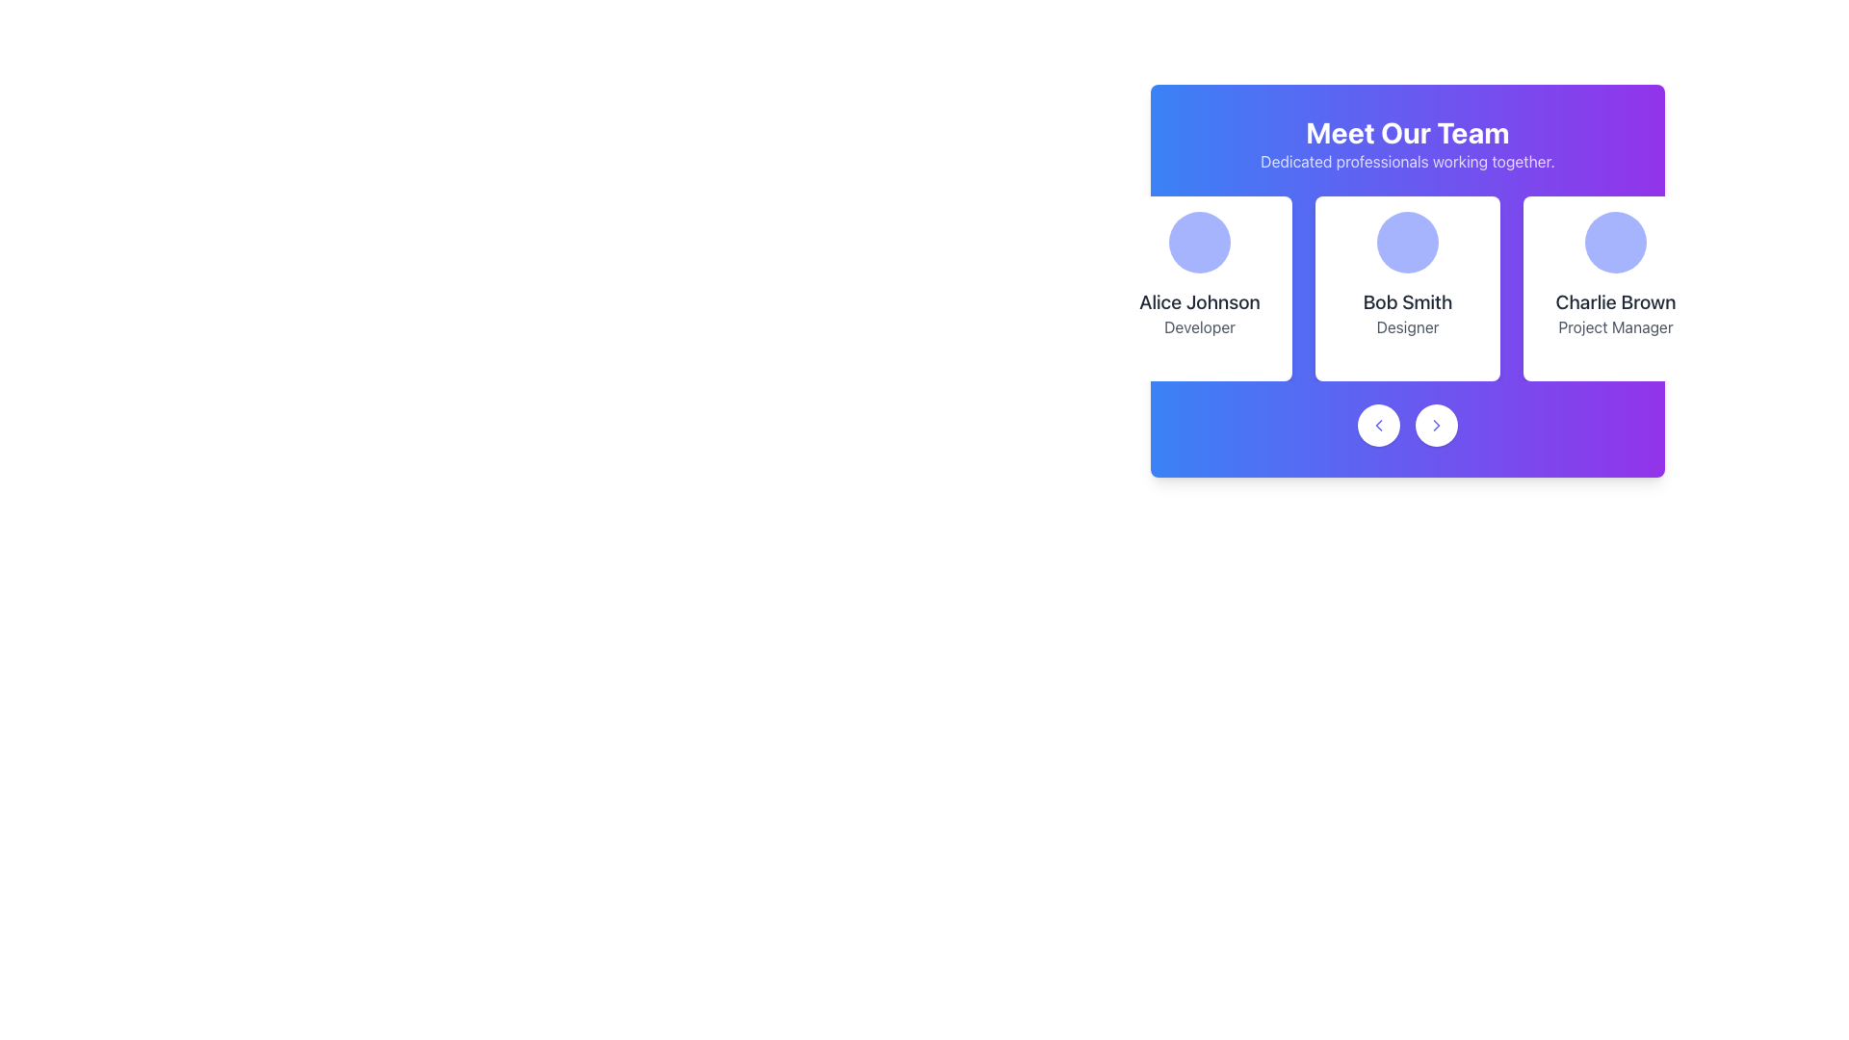 The image size is (1849, 1040). What do you see at coordinates (1377, 425) in the screenshot?
I see `the left-pointing chevron icon located inside a circular button at the bottom center of the purple gradient section beneath the team cards` at bounding box center [1377, 425].